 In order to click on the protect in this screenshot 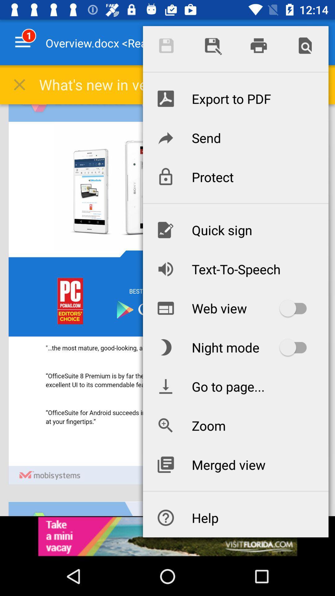, I will do `click(235, 177)`.